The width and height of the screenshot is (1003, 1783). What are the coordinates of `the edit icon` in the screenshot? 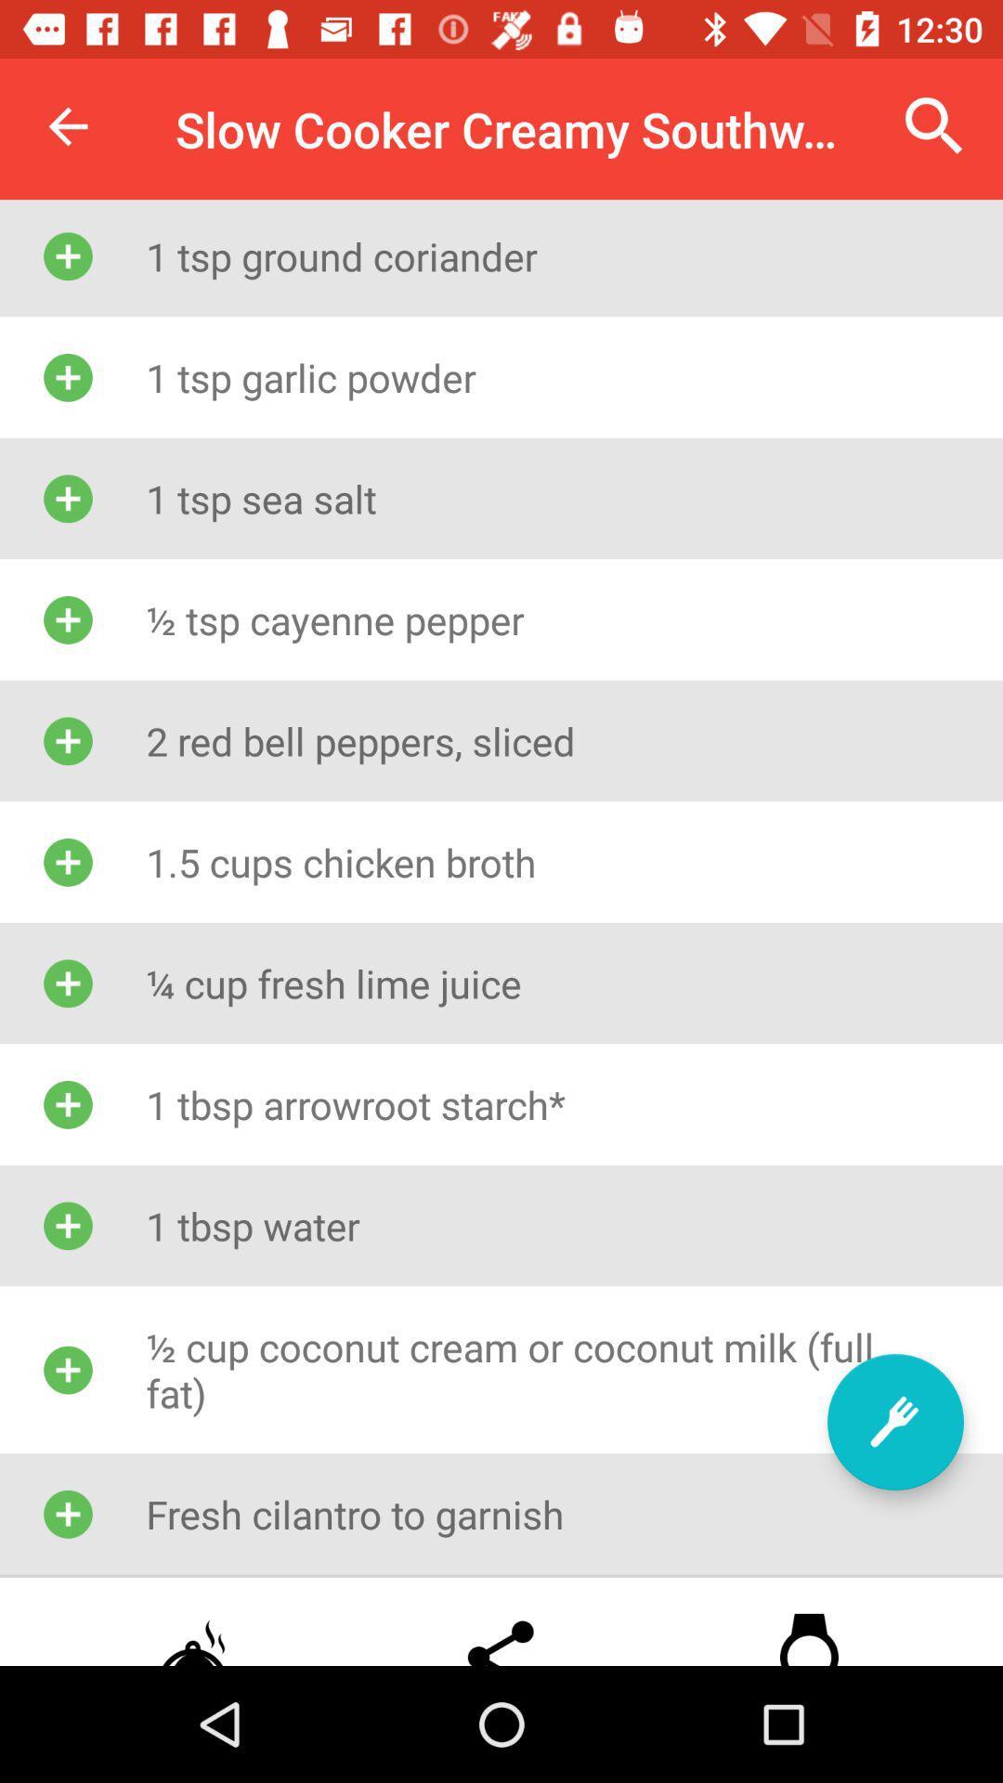 It's located at (894, 1421).